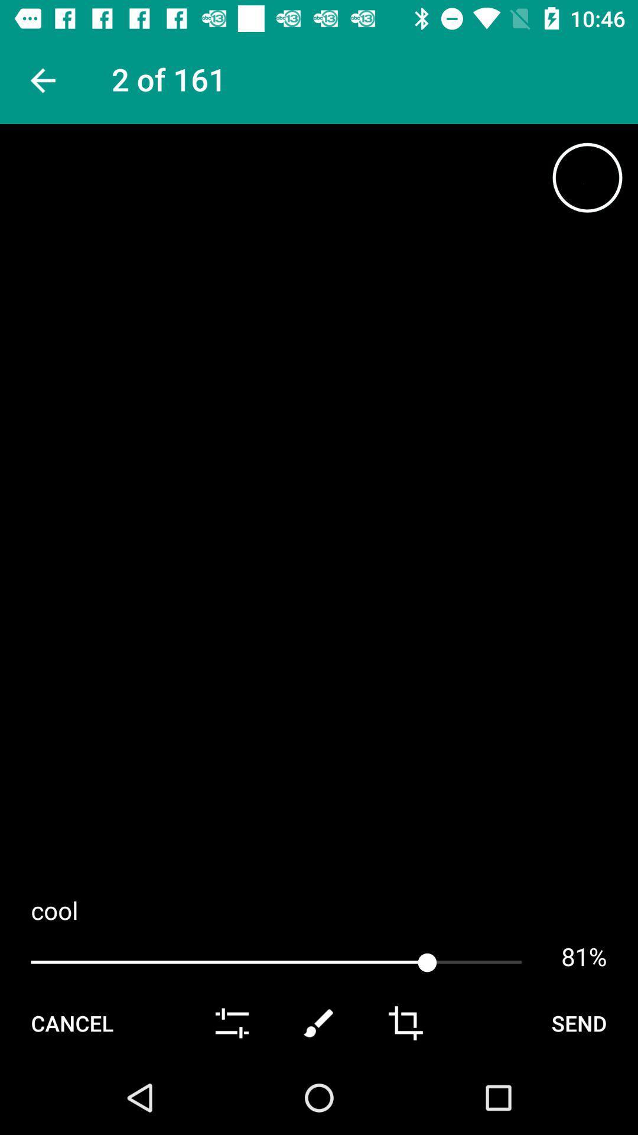 Image resolution: width=638 pixels, height=1135 pixels. Describe the element at coordinates (41, 80) in the screenshot. I see `app above the cool item` at that location.